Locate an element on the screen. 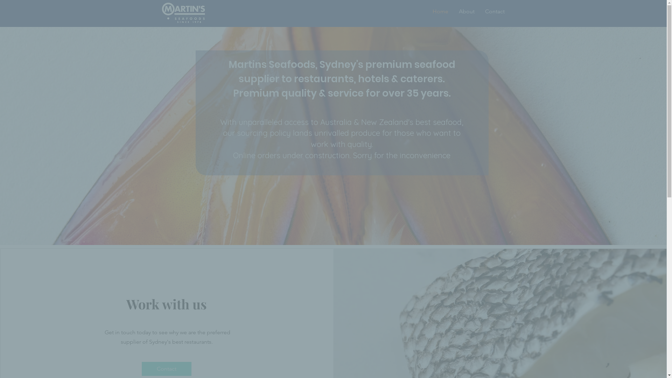  'Home' is located at coordinates (440, 12).